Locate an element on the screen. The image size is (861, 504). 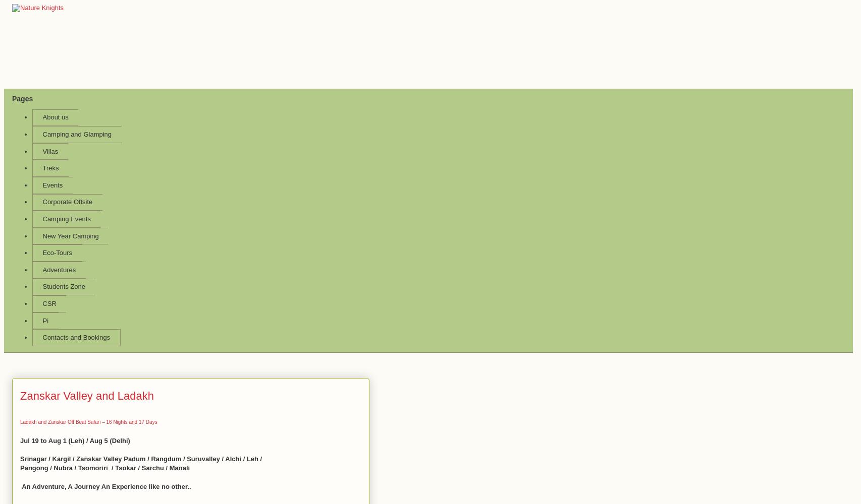
'Adventures' is located at coordinates (42, 269).